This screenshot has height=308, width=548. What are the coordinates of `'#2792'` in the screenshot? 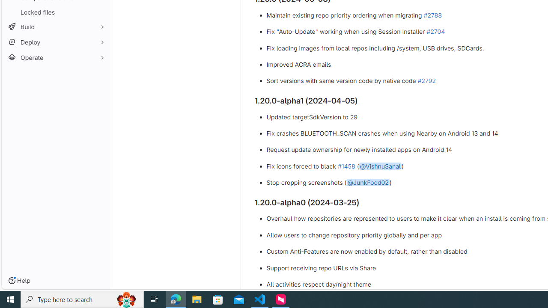 It's located at (426, 81).